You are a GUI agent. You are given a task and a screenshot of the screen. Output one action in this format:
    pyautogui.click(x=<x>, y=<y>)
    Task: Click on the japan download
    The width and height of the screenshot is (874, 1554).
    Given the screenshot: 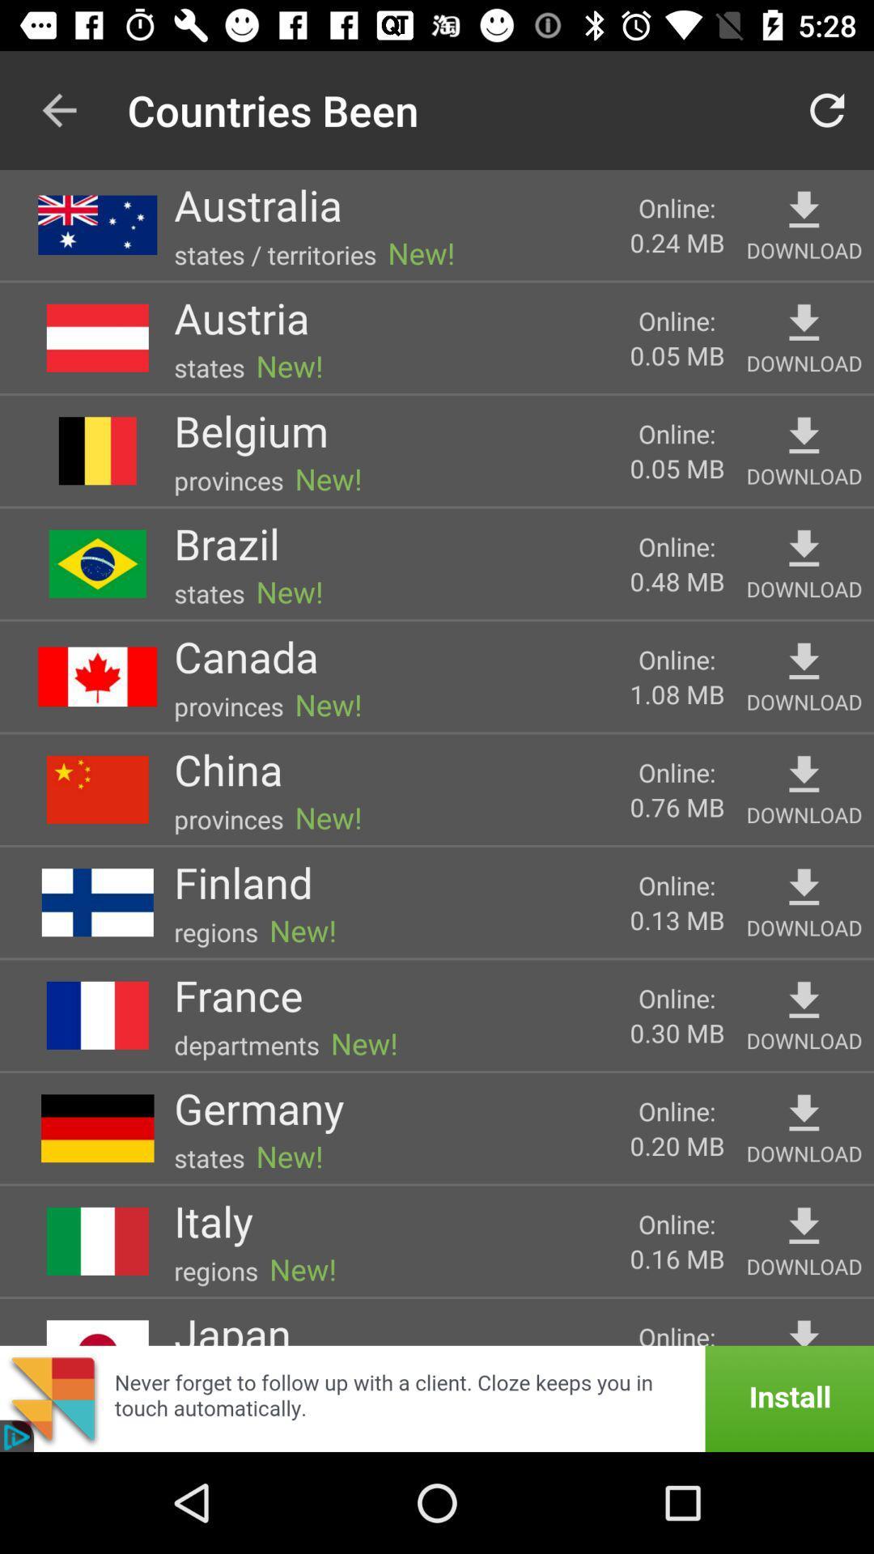 What is the action you would take?
    pyautogui.click(x=804, y=1330)
    